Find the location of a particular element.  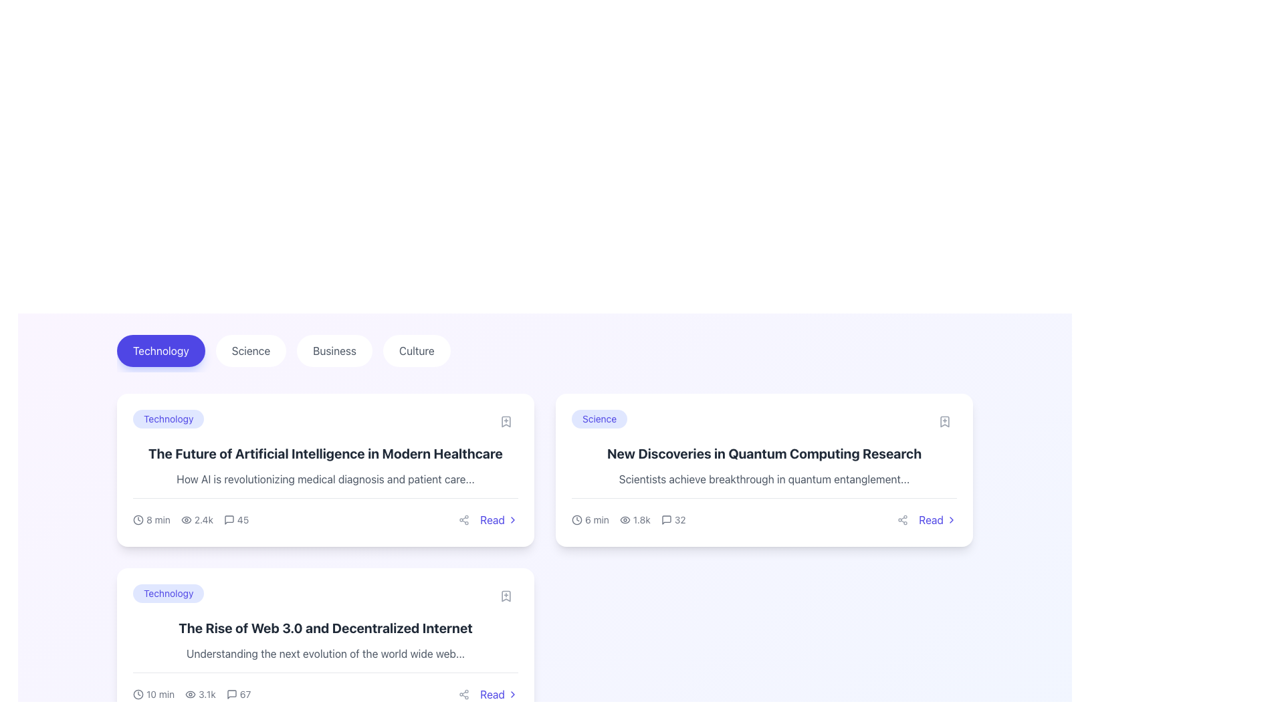

the button located at the bottom-right corner of the article card for 'The Future of Artificial Intelligence in Modern Healthcare' to trigger a style change is located at coordinates (485, 519).